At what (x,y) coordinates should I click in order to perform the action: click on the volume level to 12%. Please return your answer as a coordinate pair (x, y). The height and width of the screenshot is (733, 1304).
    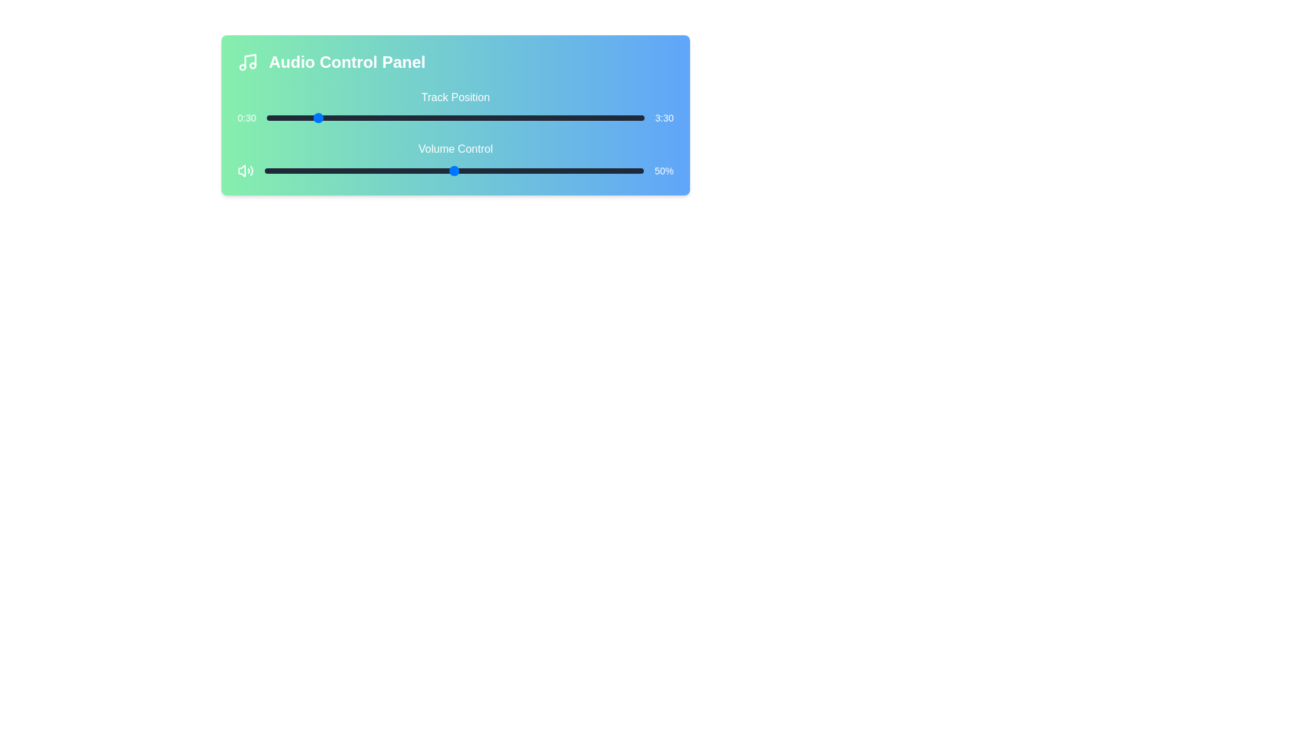
    Looking at the image, I should click on (309, 170).